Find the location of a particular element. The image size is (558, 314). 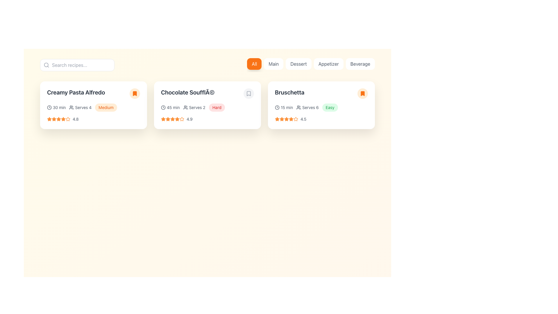

the decorative icon that visually reinforces the label 'Serves 4', which is positioned to the left of the text is located at coordinates (71, 108).